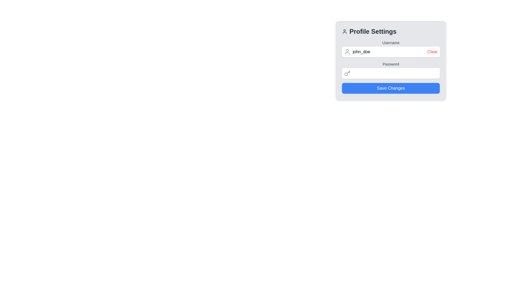  Describe the element at coordinates (346, 74) in the screenshot. I see `the circular shape within the key icon located near the top-right corner of the interface, specifically within the password input field` at that location.